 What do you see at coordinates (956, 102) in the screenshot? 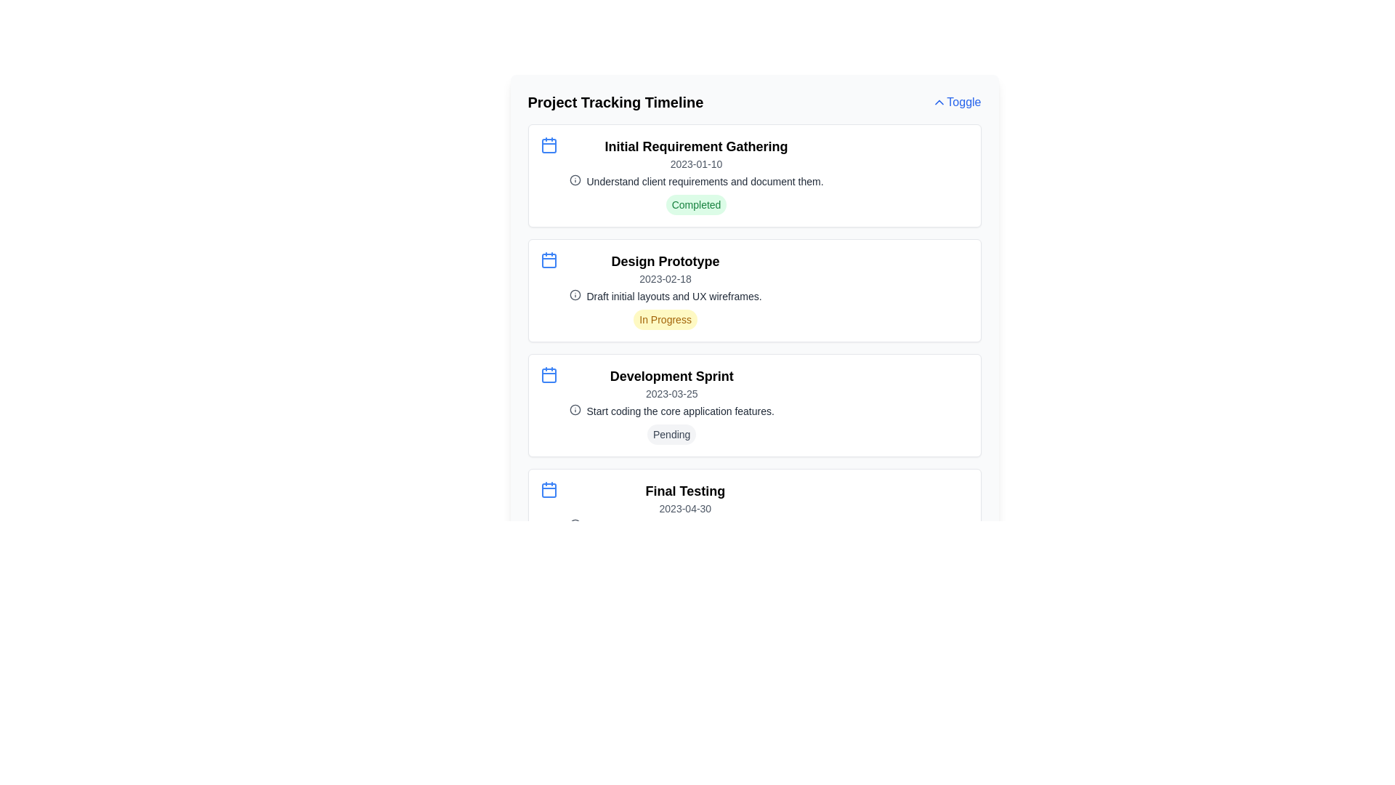
I see `the button located to the right of the text 'Project Tracking Timeline' to change the text color` at bounding box center [956, 102].